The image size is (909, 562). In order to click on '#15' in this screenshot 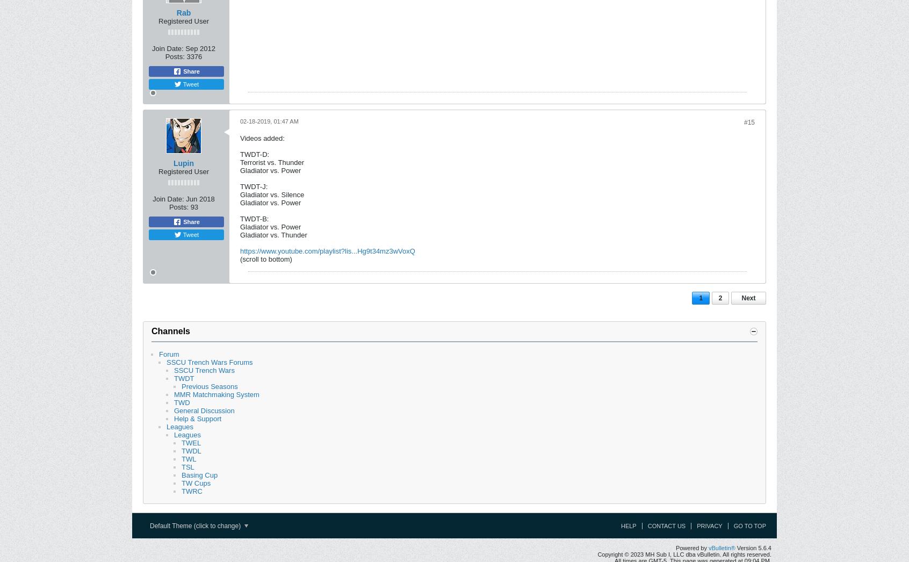, I will do `click(749, 122)`.